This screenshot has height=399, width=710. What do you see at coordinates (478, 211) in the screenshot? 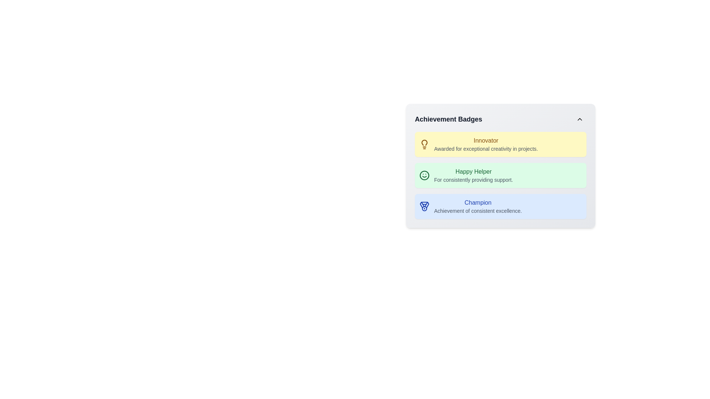
I see `descriptive text label located below the 'Champion' badge in the light blue badge section of the Achievement Badges list` at bounding box center [478, 211].